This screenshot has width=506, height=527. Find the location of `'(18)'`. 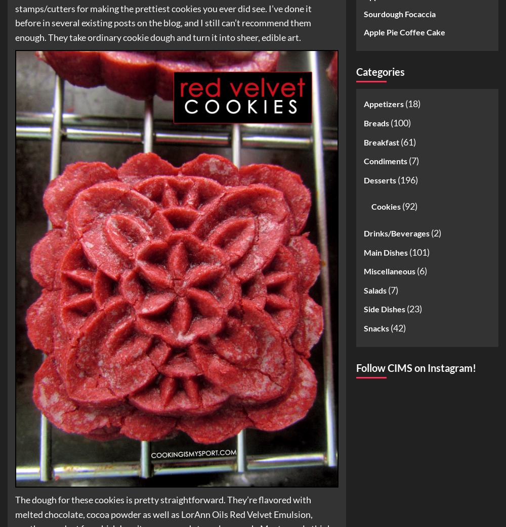

'(18)' is located at coordinates (411, 103).